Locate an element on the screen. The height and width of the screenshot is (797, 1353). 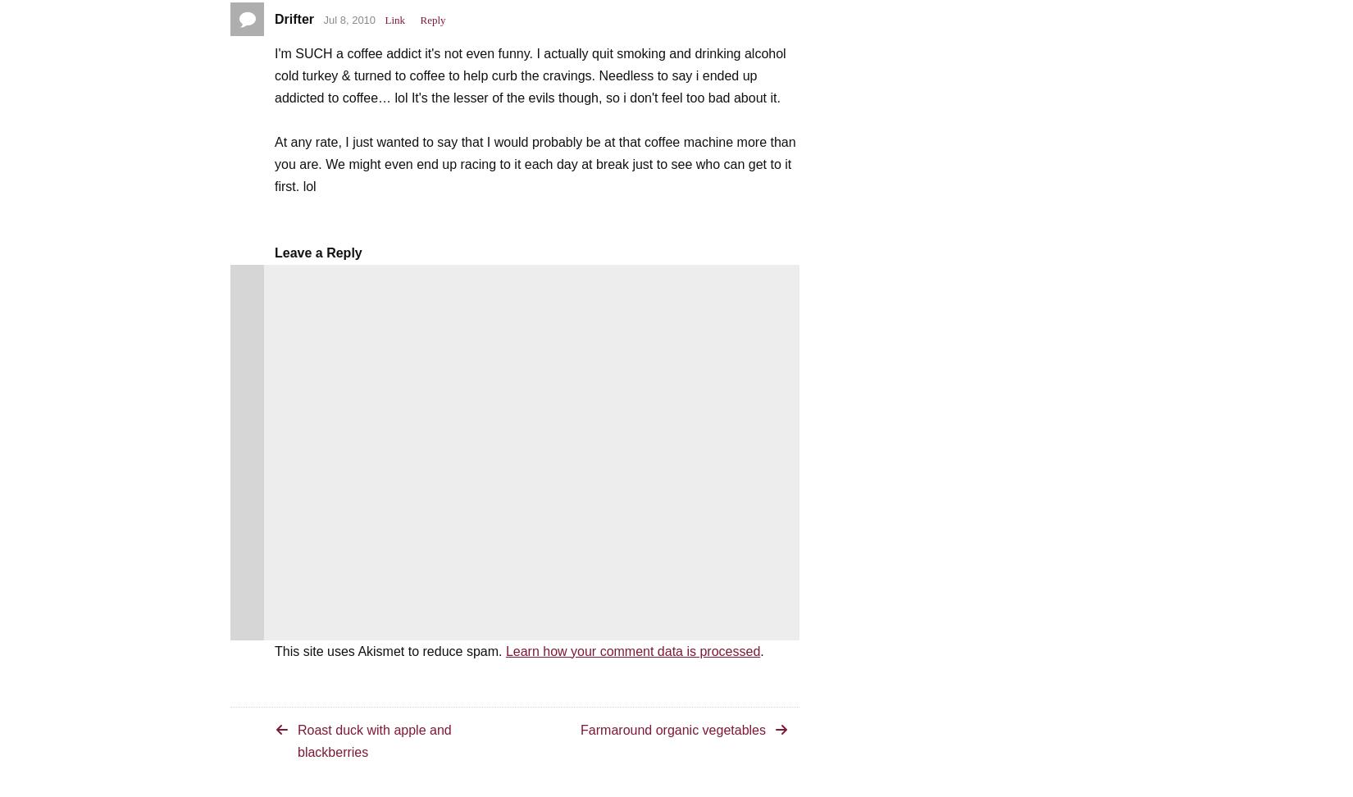
'Jul 8, 2010' is located at coordinates (348, 19).